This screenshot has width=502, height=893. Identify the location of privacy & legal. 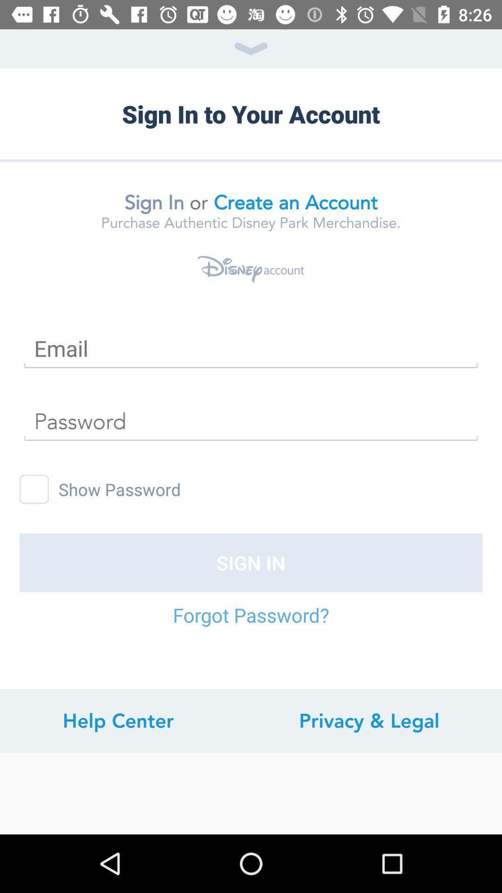
(369, 720).